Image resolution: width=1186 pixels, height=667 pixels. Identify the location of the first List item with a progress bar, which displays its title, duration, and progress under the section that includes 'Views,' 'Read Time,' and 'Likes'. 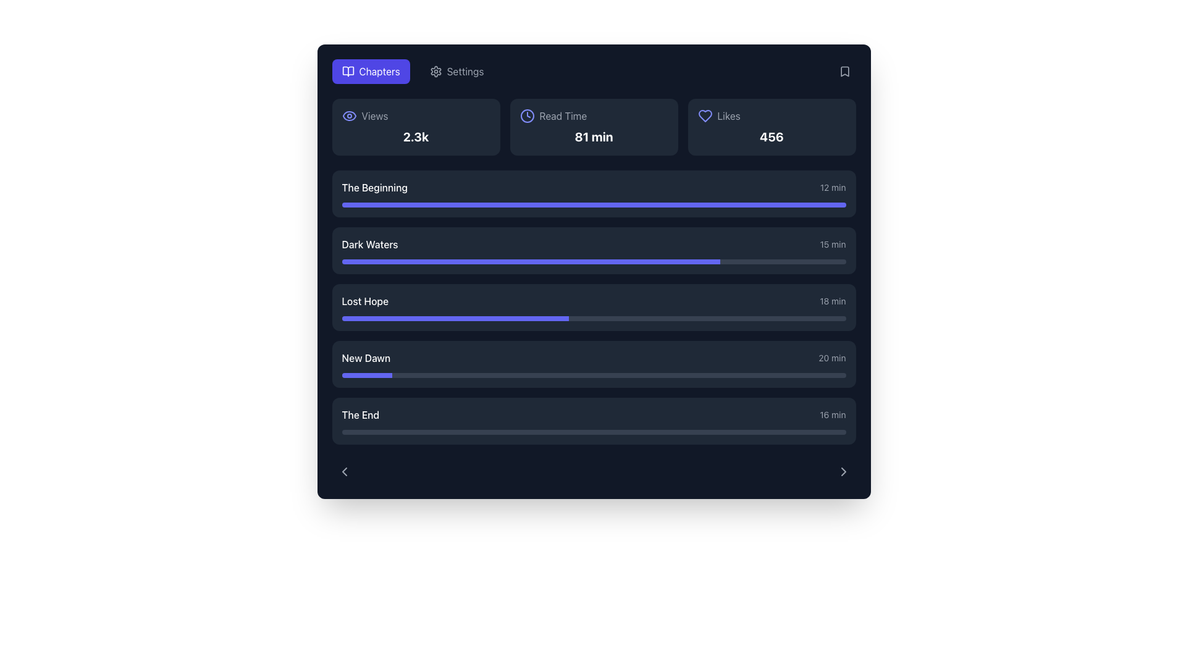
(594, 193).